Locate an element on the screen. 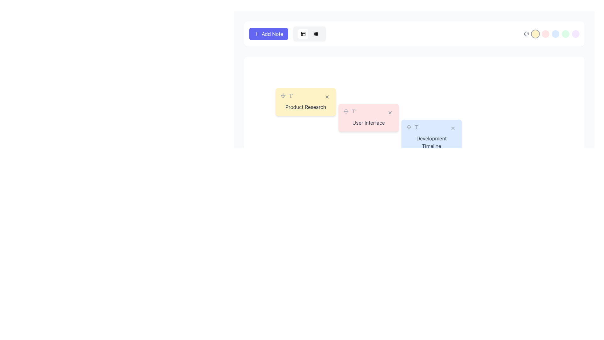  the interactive circular button with an 'X' icon inside it, located at the top-right corner of the 'Development Timeline' card is located at coordinates (453, 128).